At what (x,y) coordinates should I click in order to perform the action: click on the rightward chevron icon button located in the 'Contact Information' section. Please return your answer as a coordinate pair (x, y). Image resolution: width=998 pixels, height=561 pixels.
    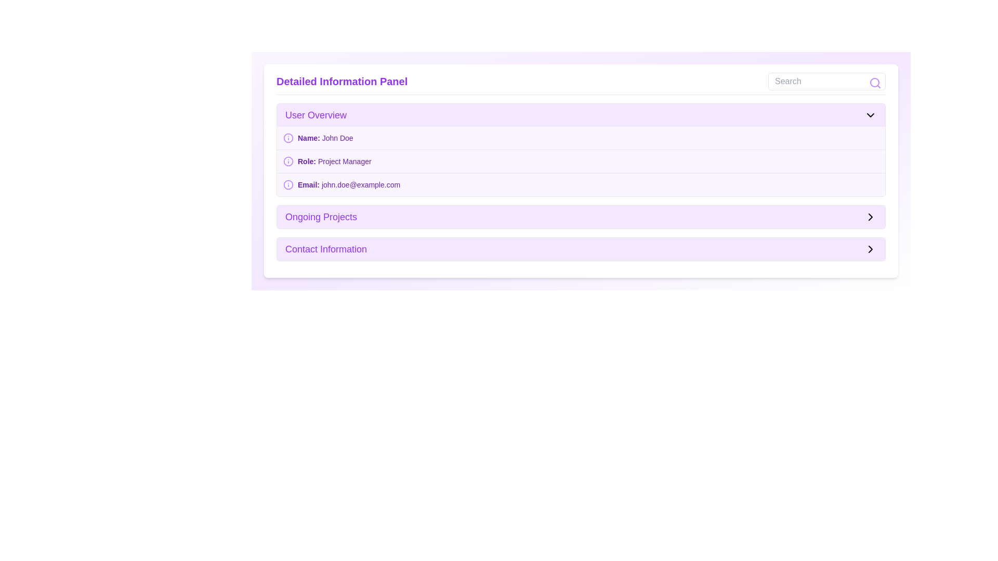
    Looking at the image, I should click on (871, 249).